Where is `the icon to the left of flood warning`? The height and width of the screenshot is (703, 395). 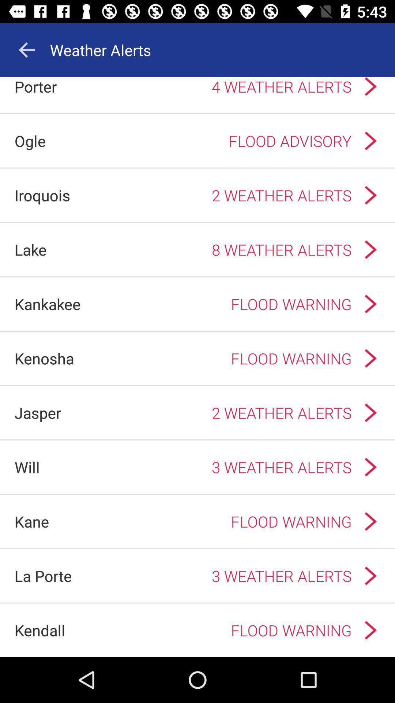 the icon to the left of flood warning is located at coordinates (31, 521).